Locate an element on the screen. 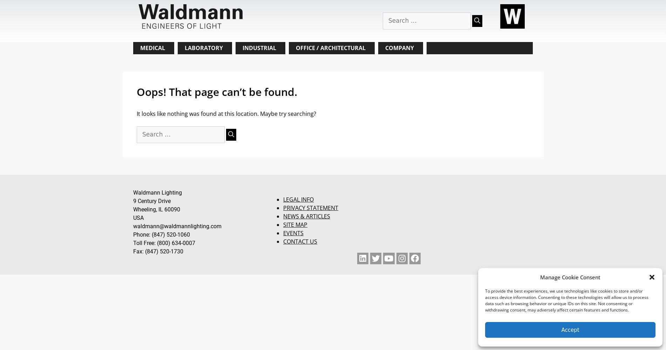 The height and width of the screenshot is (350, 666). 'USA' is located at coordinates (133, 217).